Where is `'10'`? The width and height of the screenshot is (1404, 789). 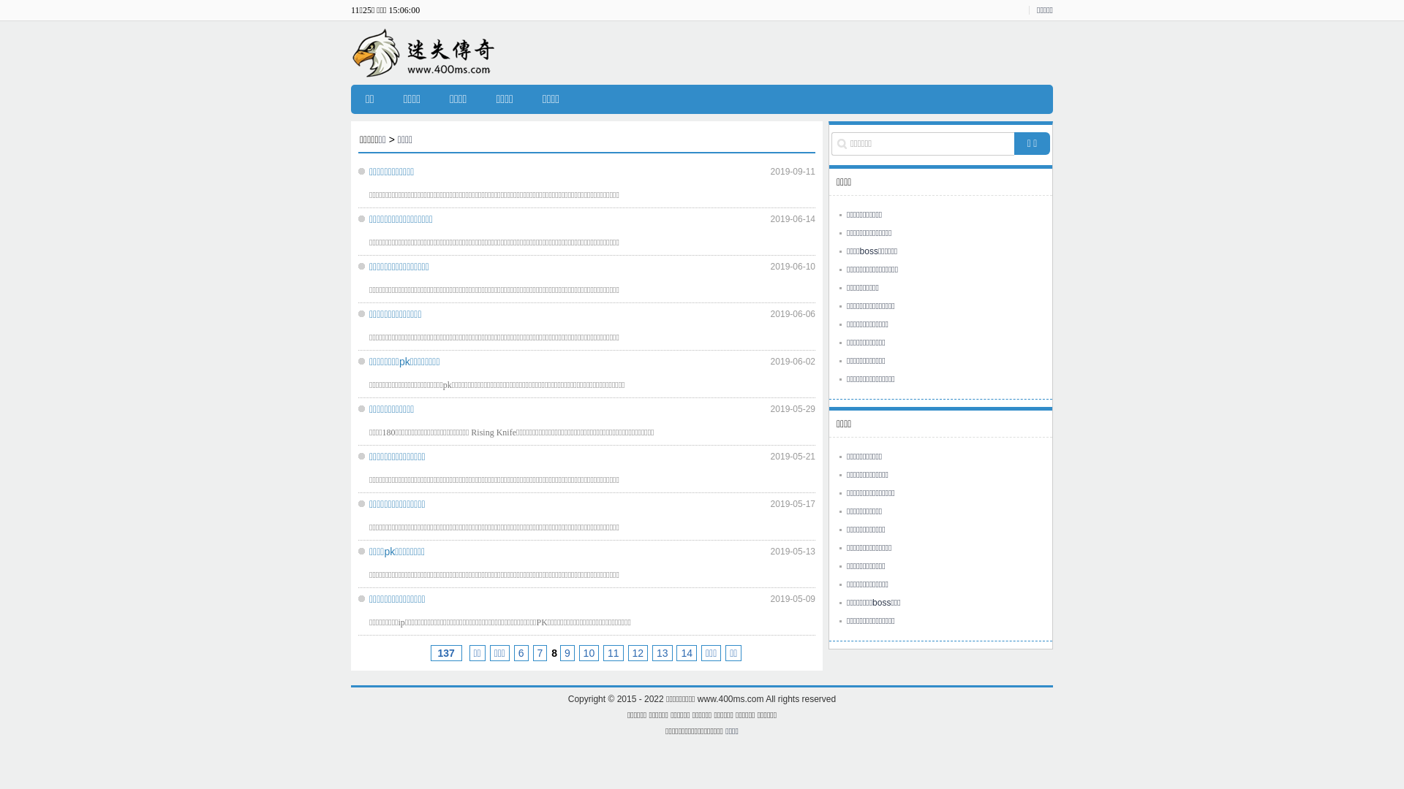
'10' is located at coordinates (589, 652).